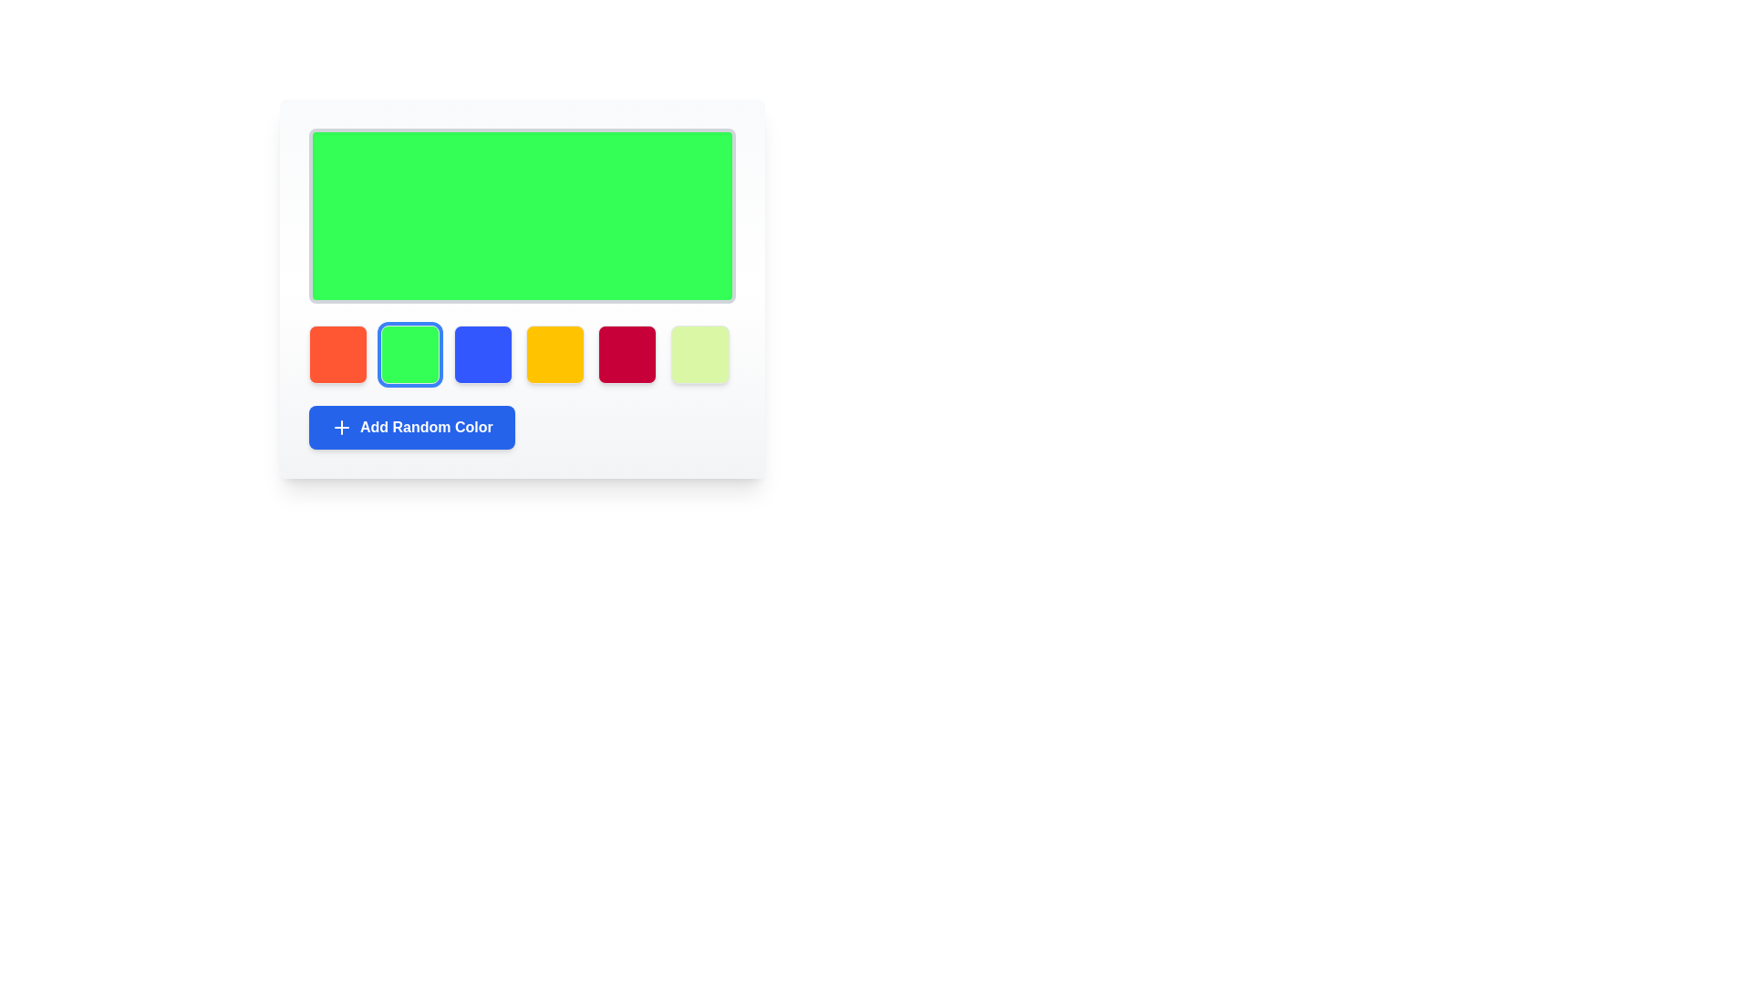 This screenshot has width=1751, height=985. I want to click on the interactive button that is the third element in a horizontally aligned grid, positioned below a green rectangular section and above the 'Add Random Color' button, so click(482, 355).